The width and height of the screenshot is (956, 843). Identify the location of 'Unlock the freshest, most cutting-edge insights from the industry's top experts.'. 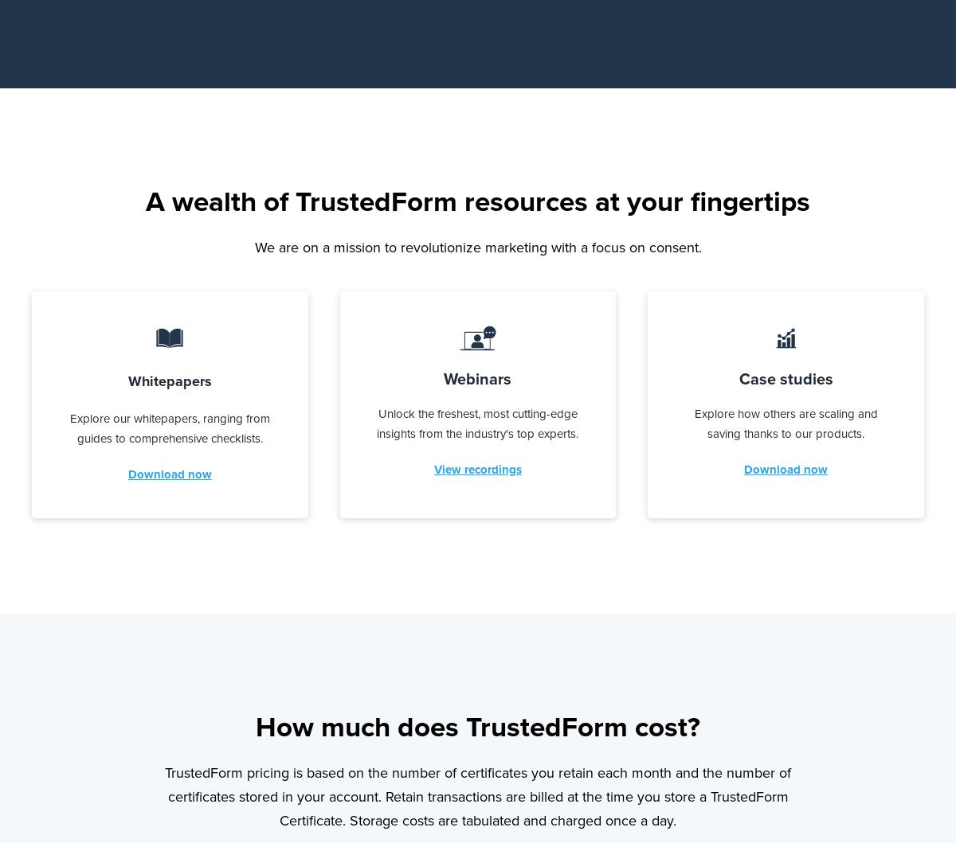
(476, 422).